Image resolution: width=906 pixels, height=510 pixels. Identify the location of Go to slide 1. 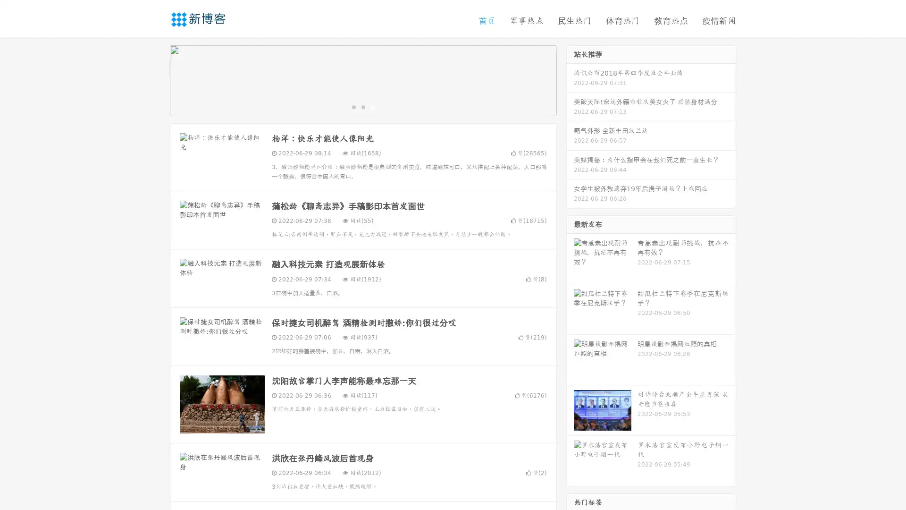
(353, 106).